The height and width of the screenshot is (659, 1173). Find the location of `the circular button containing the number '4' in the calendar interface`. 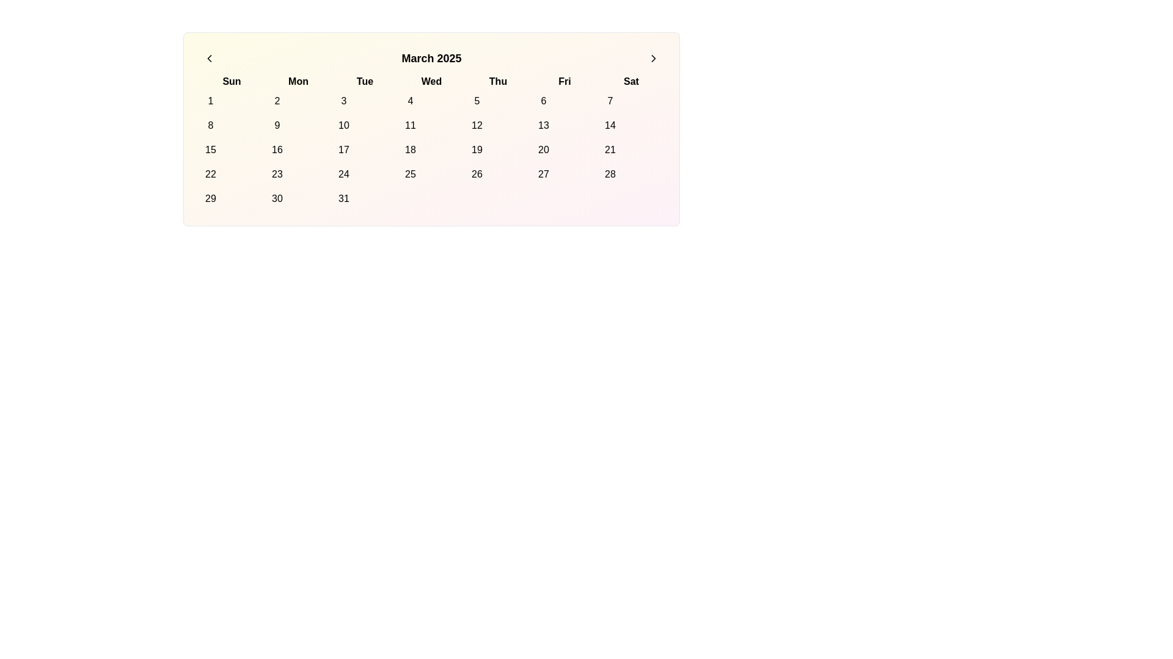

the circular button containing the number '4' in the calendar interface is located at coordinates (411, 100).